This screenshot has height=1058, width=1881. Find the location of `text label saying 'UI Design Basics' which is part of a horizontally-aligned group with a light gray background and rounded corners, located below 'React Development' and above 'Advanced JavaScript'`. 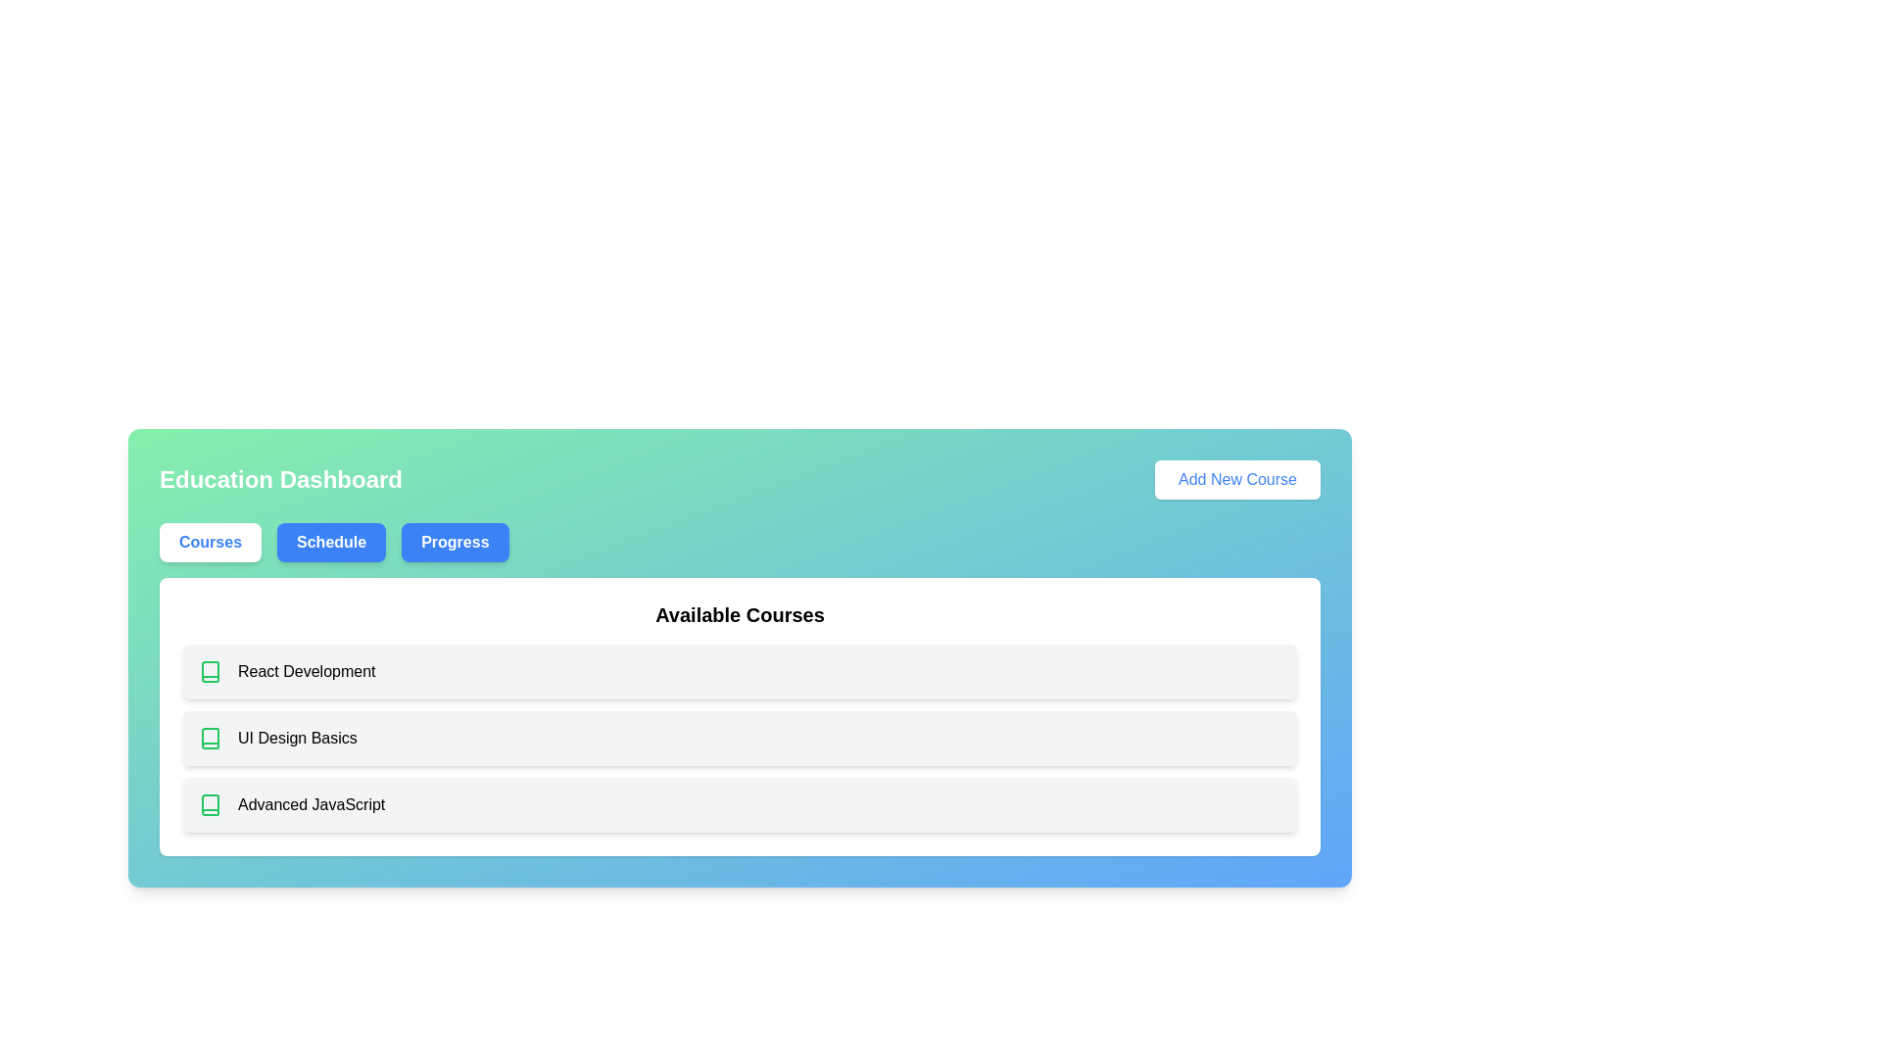

text label saying 'UI Design Basics' which is part of a horizontally-aligned group with a light gray background and rounded corners, located below 'React Development' and above 'Advanced JavaScript' is located at coordinates (296, 738).